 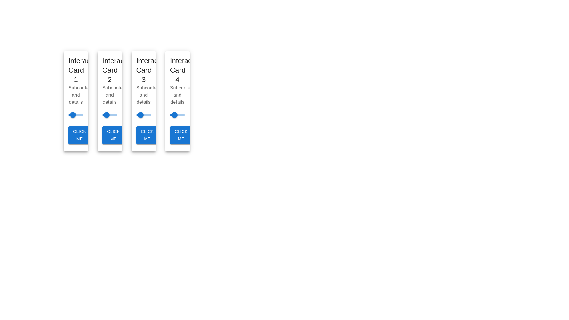 What do you see at coordinates (177, 115) in the screenshot?
I see `the Slider rail located at the bottom of the 'Interactive Card 4' slider component in the fourth column of aligned cards` at bounding box center [177, 115].